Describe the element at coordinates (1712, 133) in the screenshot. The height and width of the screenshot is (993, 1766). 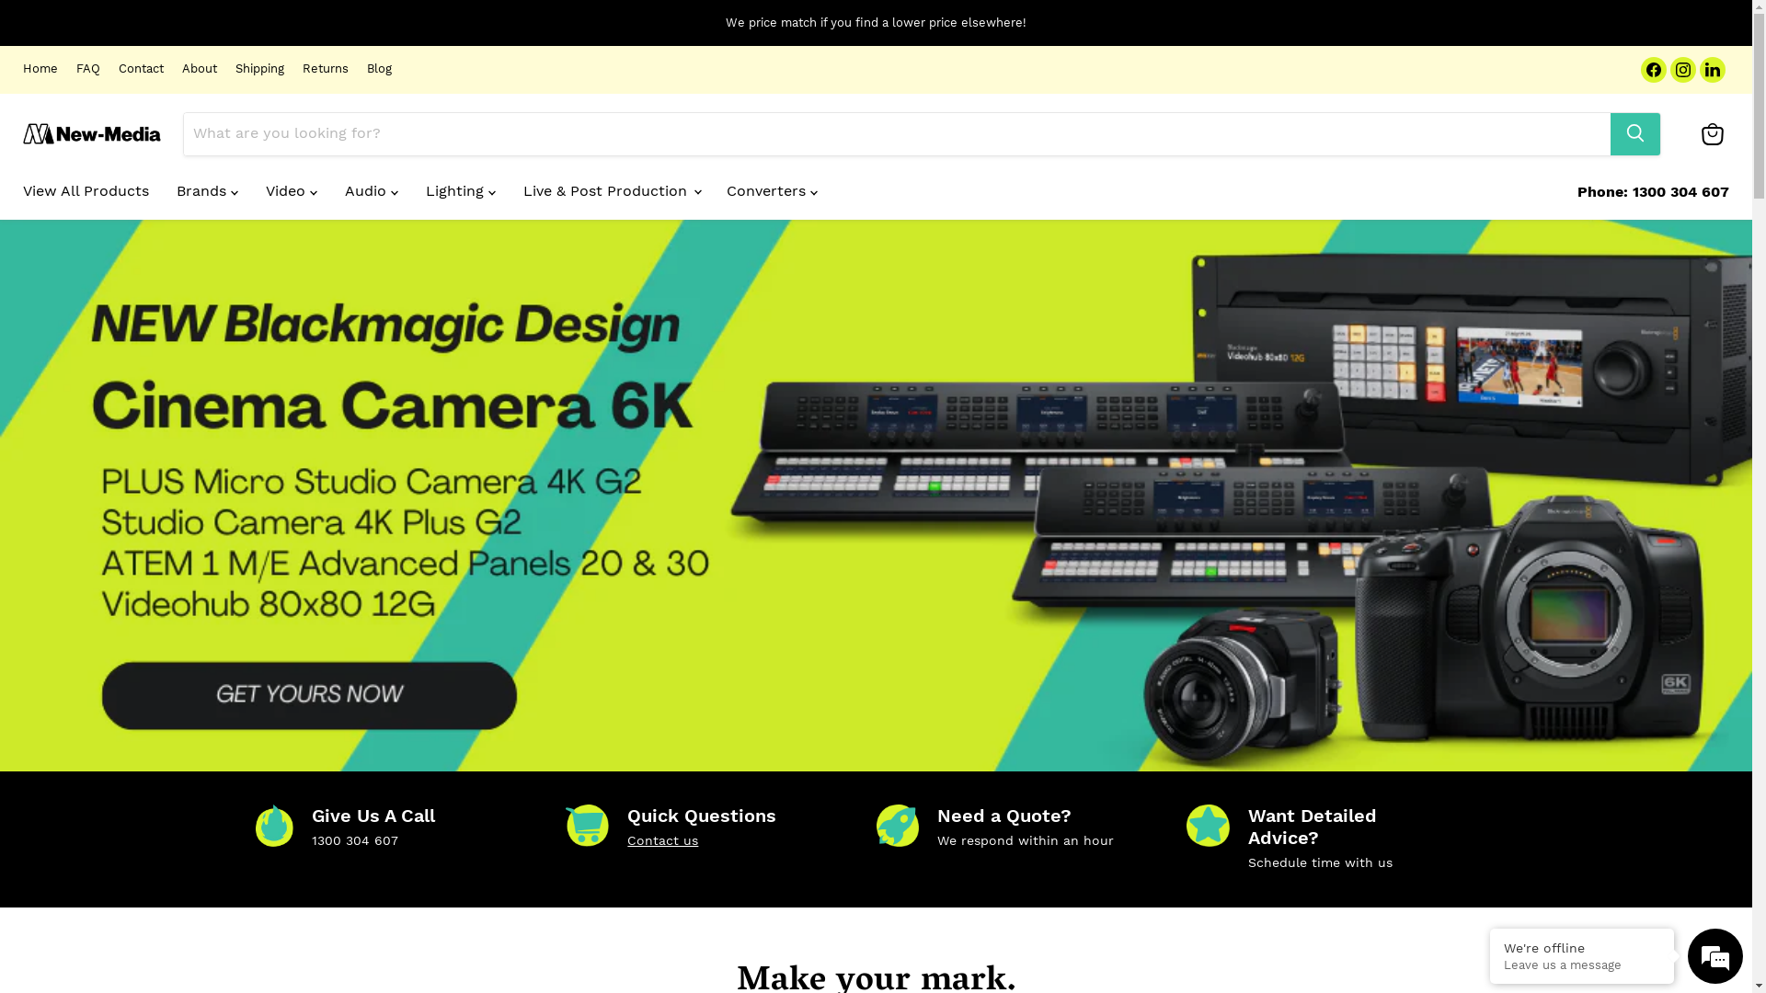
I see `'View cart'` at that location.